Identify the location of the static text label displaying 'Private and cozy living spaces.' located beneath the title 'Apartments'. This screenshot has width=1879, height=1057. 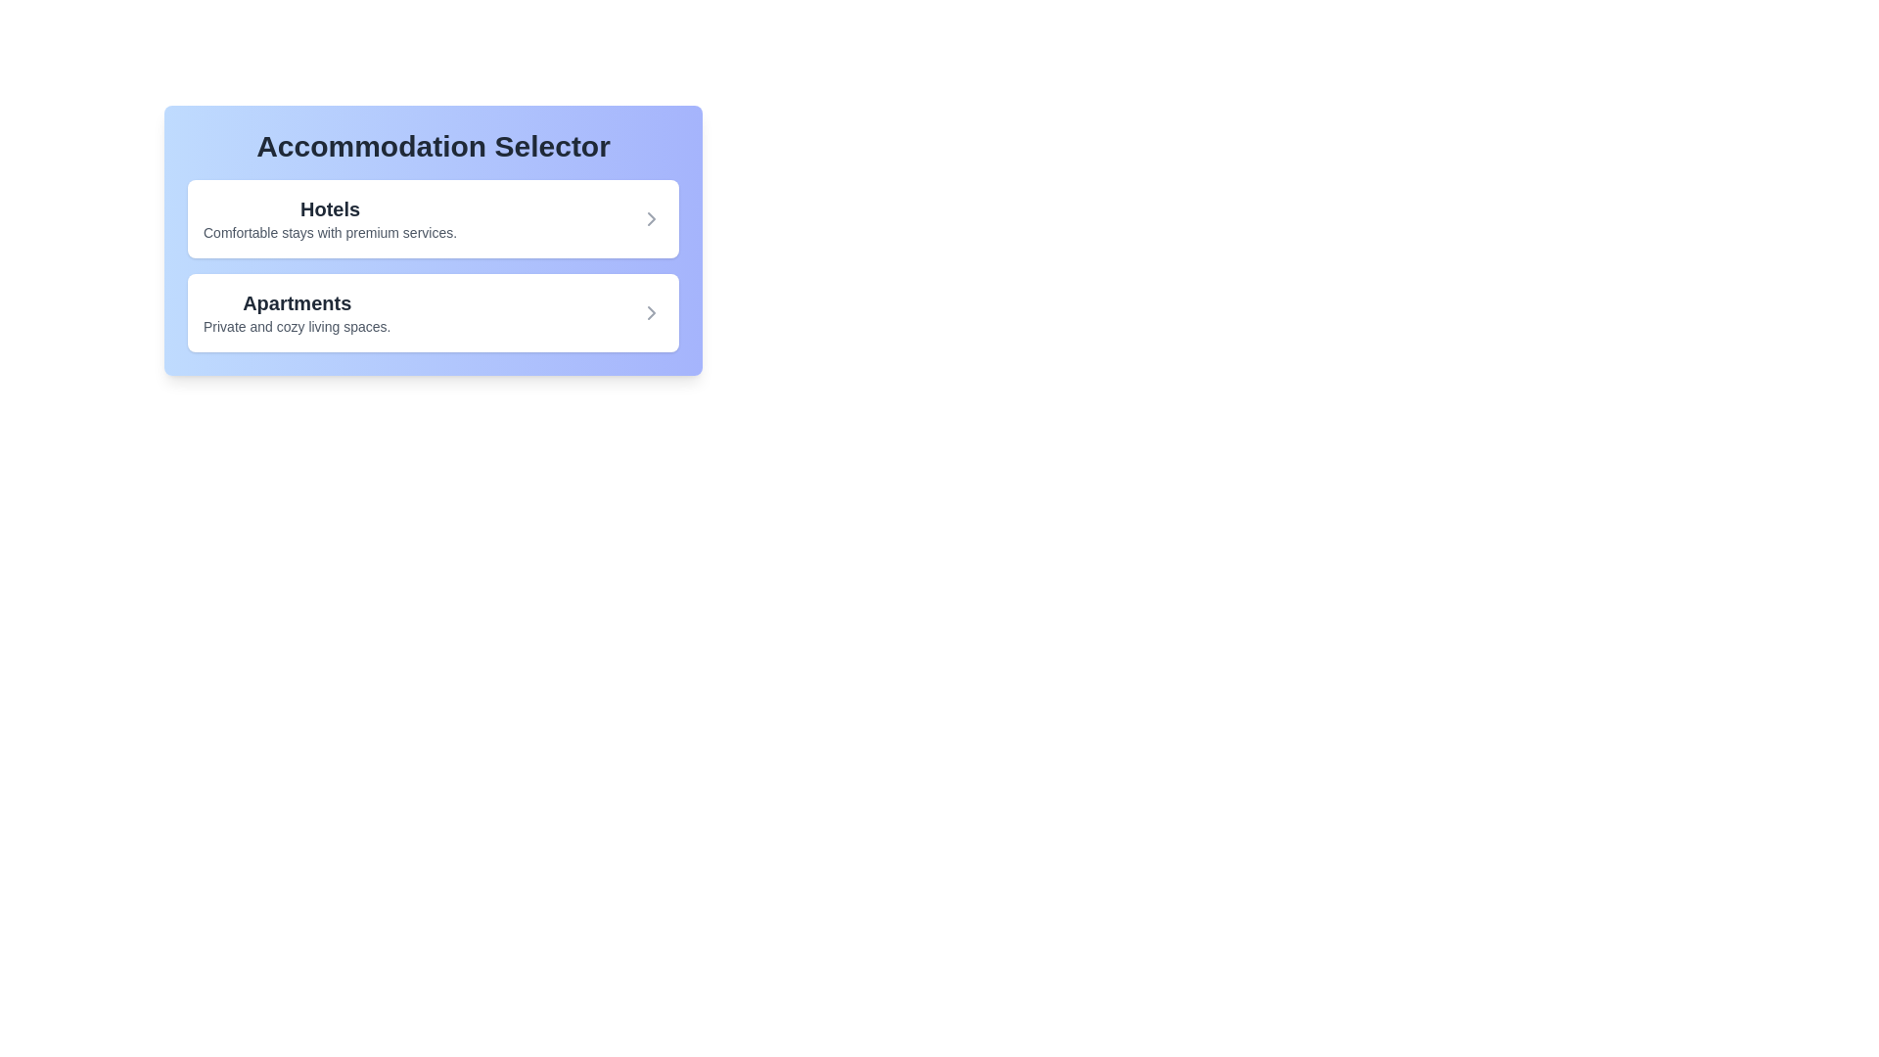
(296, 326).